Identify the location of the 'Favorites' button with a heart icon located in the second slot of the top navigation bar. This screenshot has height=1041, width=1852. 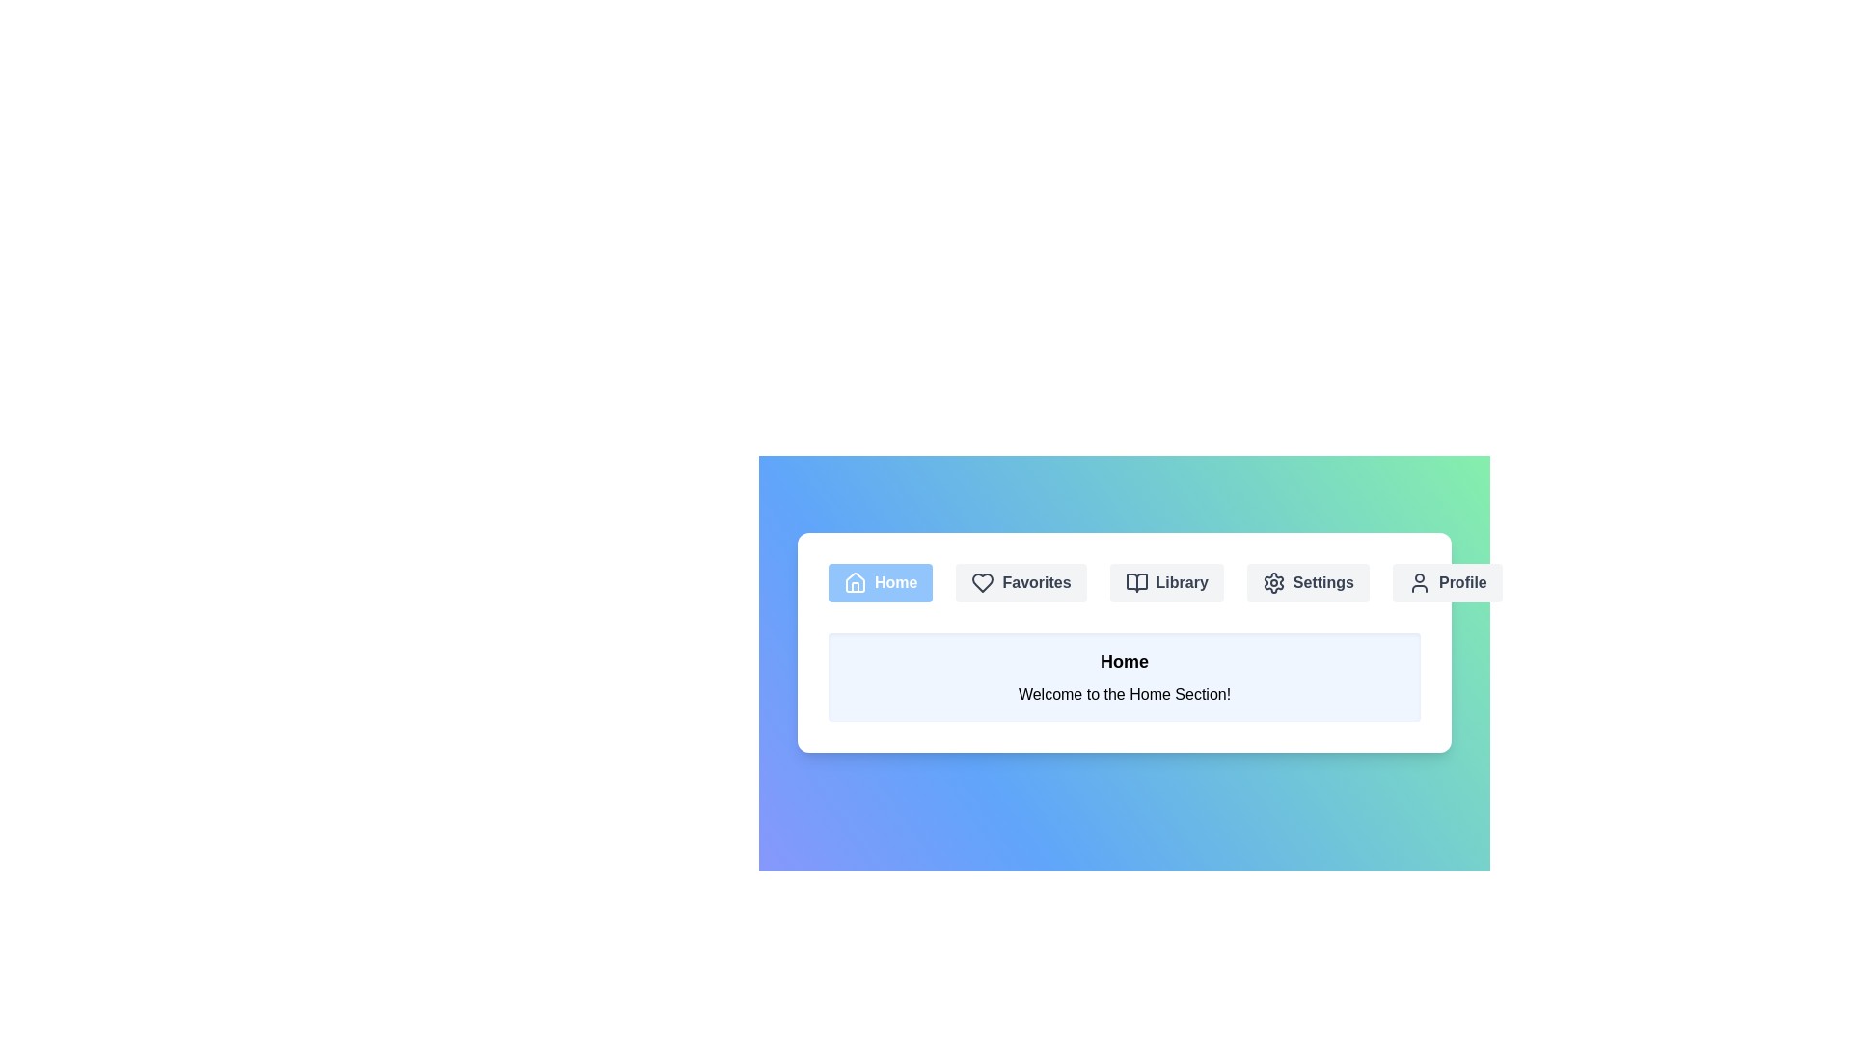
(1021, 582).